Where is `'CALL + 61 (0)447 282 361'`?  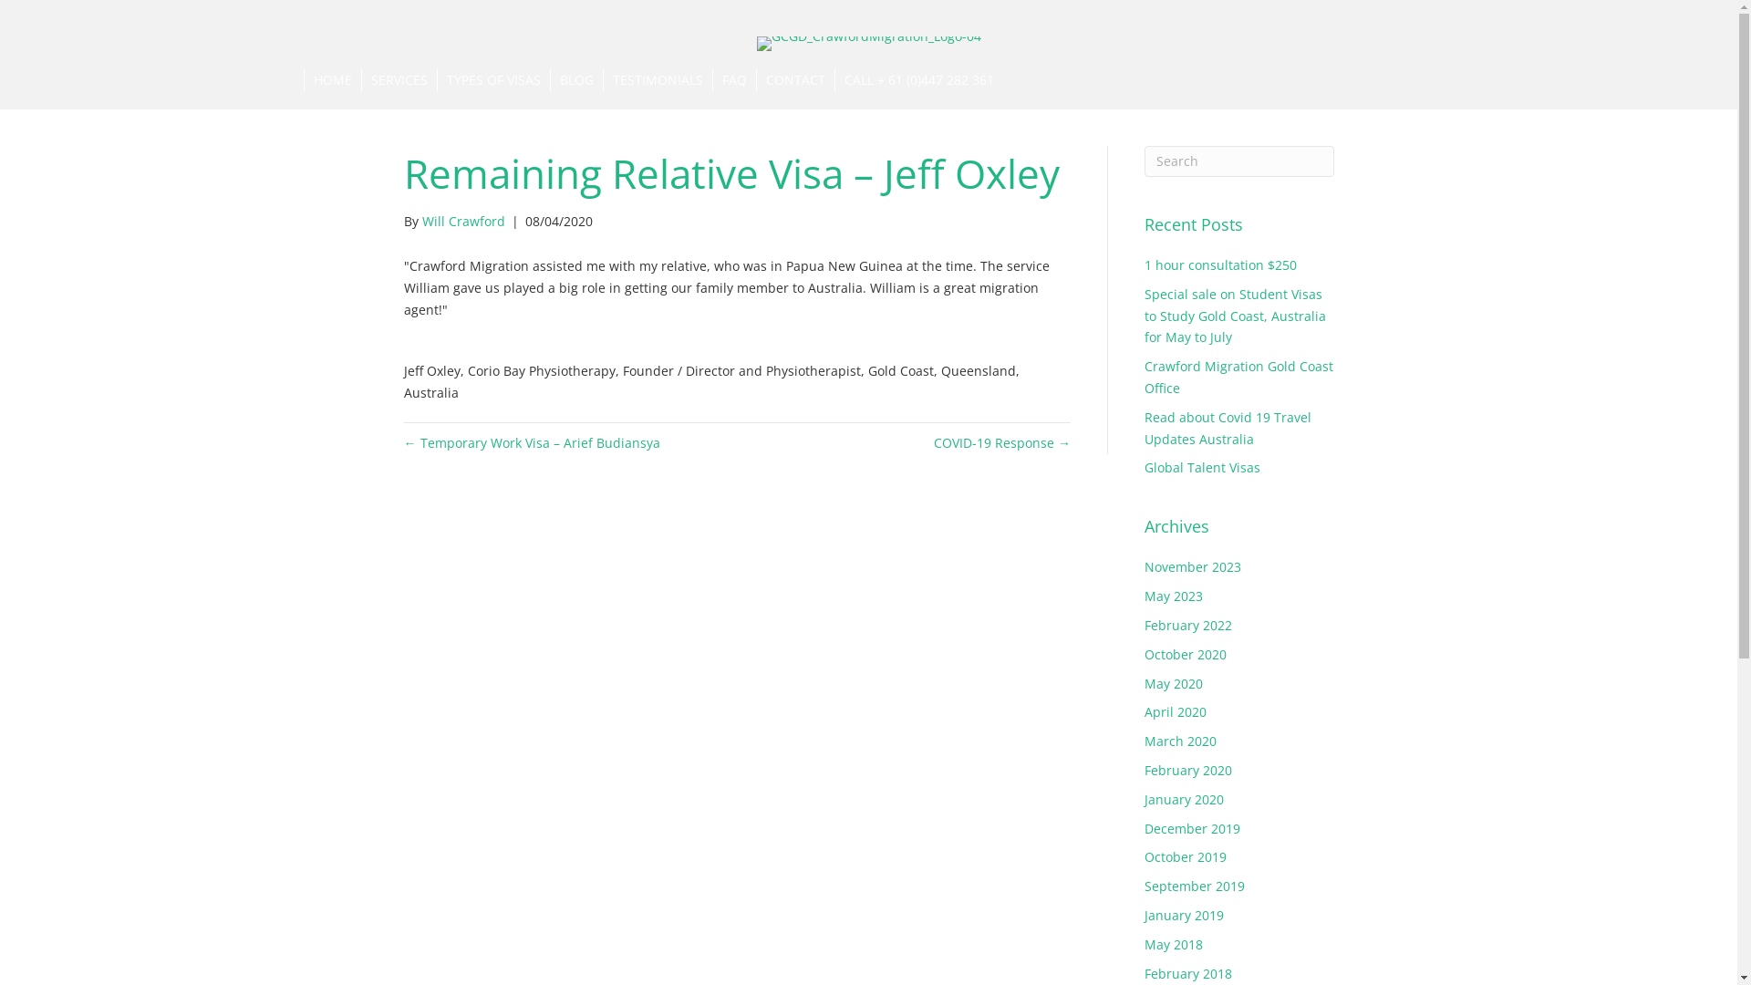
'CALL + 61 (0)447 282 361' is located at coordinates (832, 79).